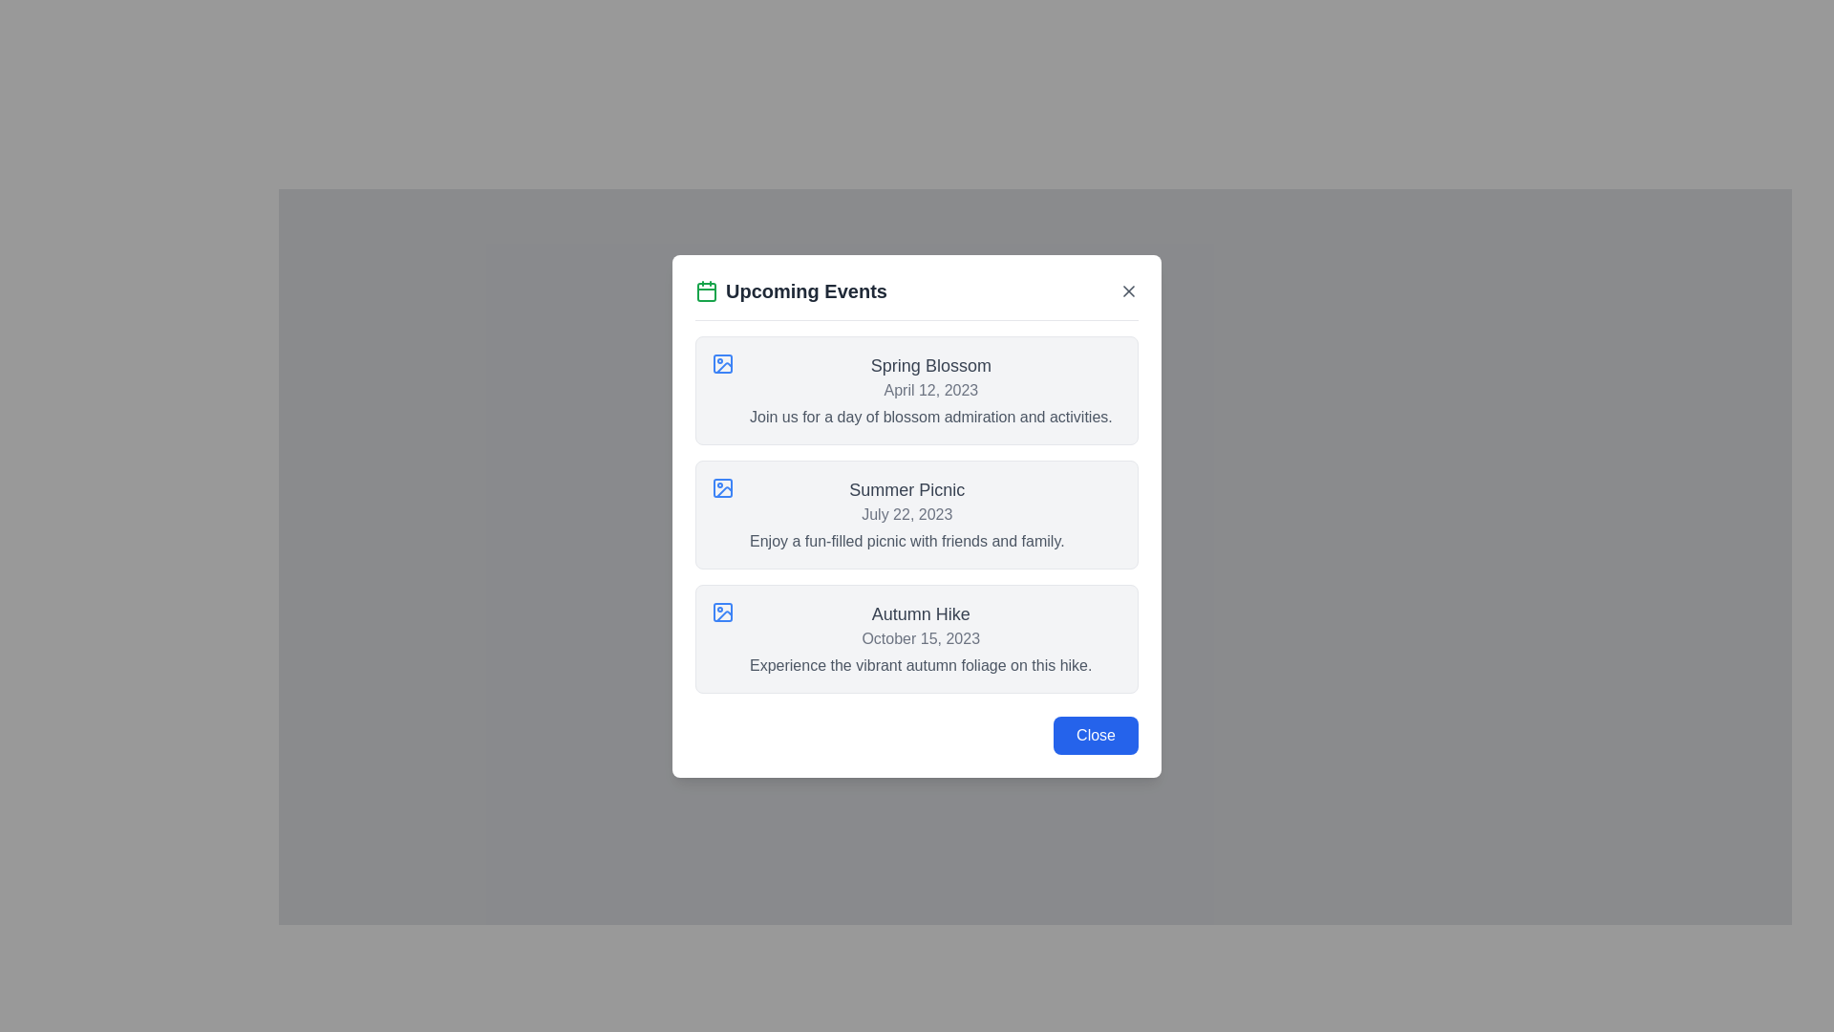 Image resolution: width=1834 pixels, height=1032 pixels. Describe the element at coordinates (921, 638) in the screenshot. I see `the 'Autumn Hike' event details in the Upcoming Events modal, which is the third item in the list` at that location.